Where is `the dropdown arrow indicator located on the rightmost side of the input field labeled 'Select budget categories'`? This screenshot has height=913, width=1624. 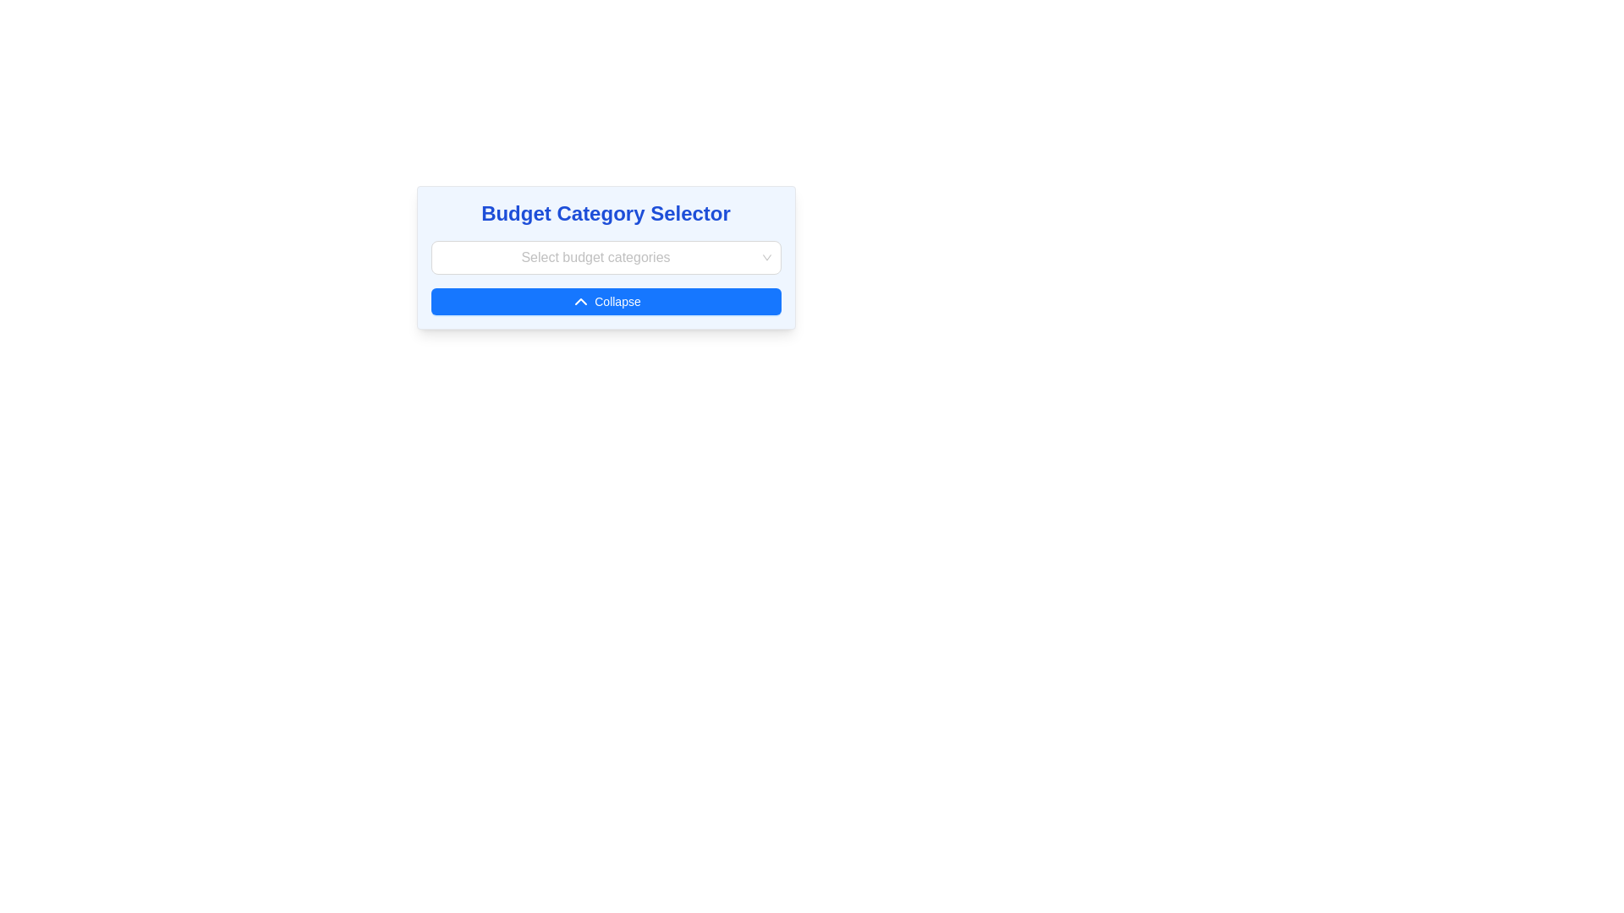
the dropdown arrow indicator located on the rightmost side of the input field labeled 'Select budget categories' is located at coordinates (765, 257).